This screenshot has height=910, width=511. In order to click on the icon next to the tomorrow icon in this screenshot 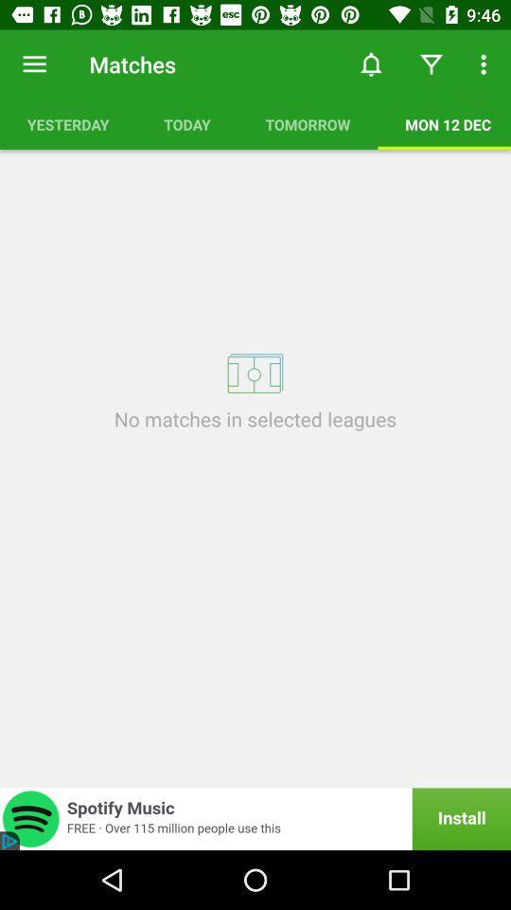, I will do `click(187, 123)`.